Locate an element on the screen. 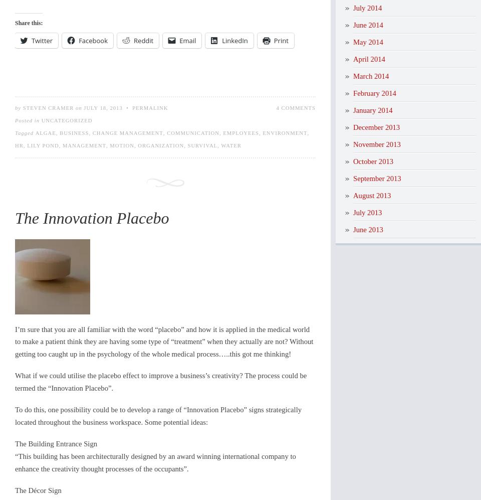 This screenshot has width=481, height=500. 'water' is located at coordinates (230, 145).